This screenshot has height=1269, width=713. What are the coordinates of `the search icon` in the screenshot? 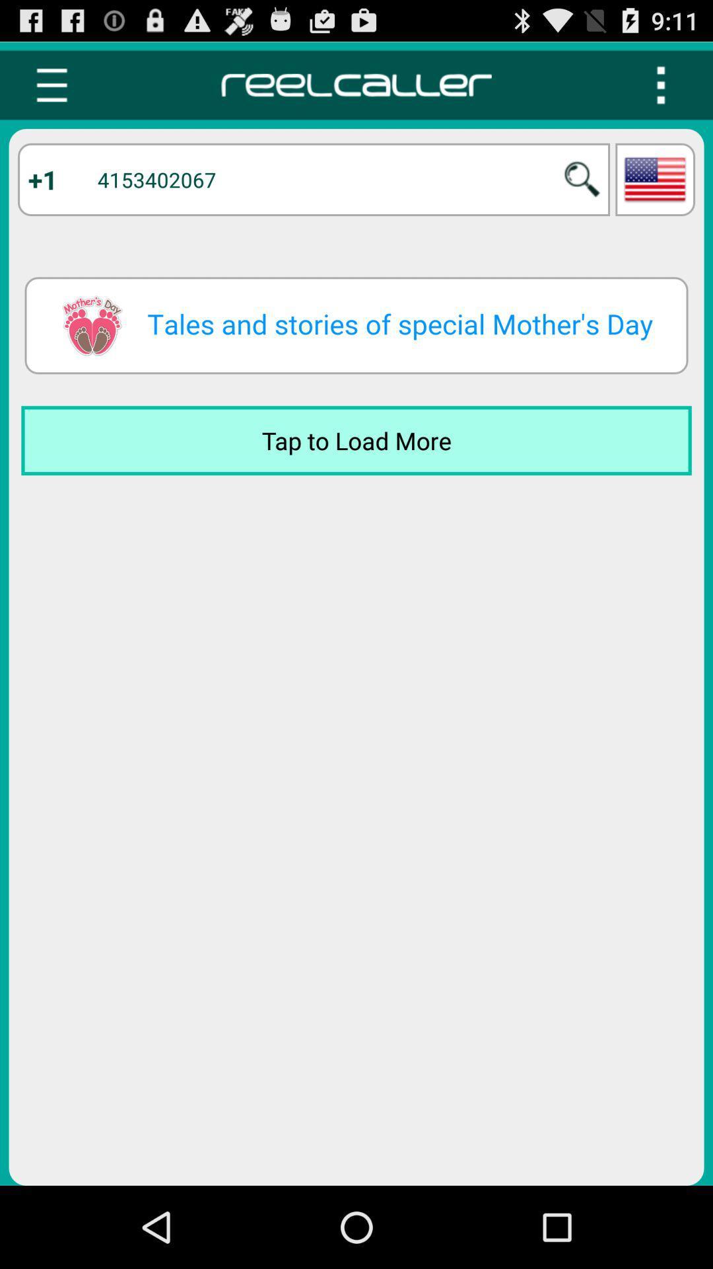 It's located at (582, 191).